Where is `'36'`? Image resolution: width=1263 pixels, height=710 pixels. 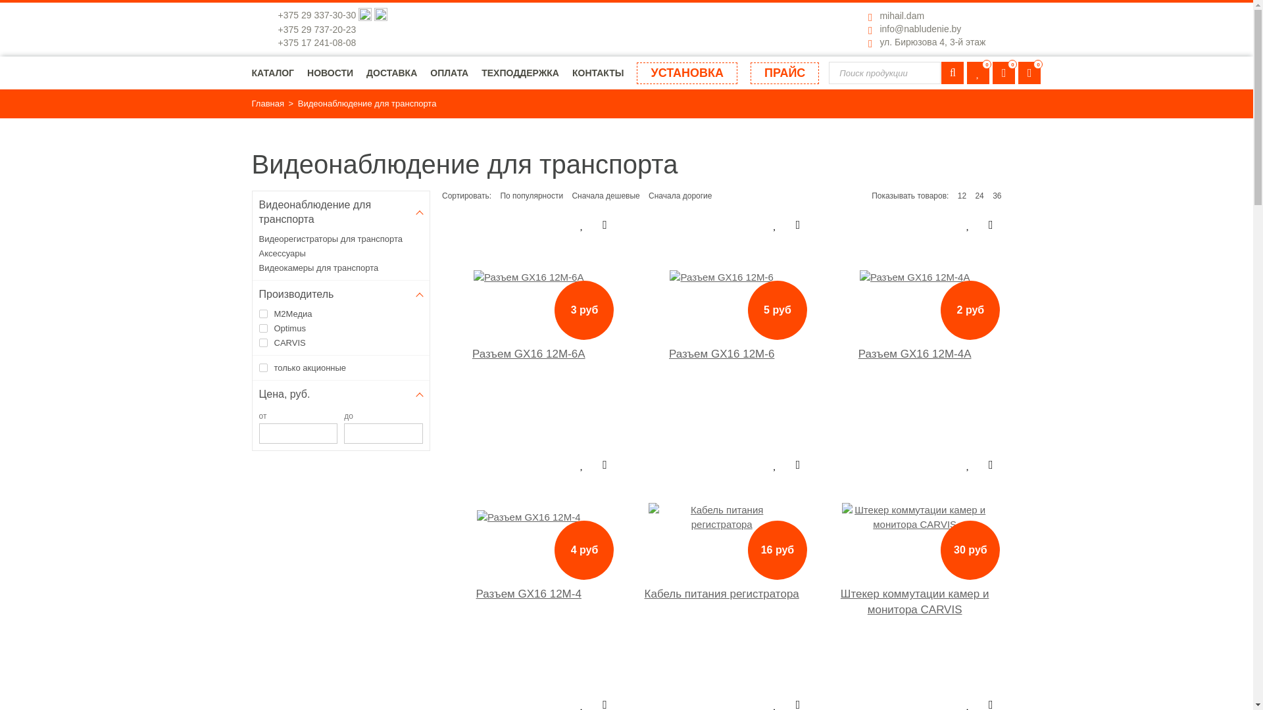
'36' is located at coordinates (997, 195).